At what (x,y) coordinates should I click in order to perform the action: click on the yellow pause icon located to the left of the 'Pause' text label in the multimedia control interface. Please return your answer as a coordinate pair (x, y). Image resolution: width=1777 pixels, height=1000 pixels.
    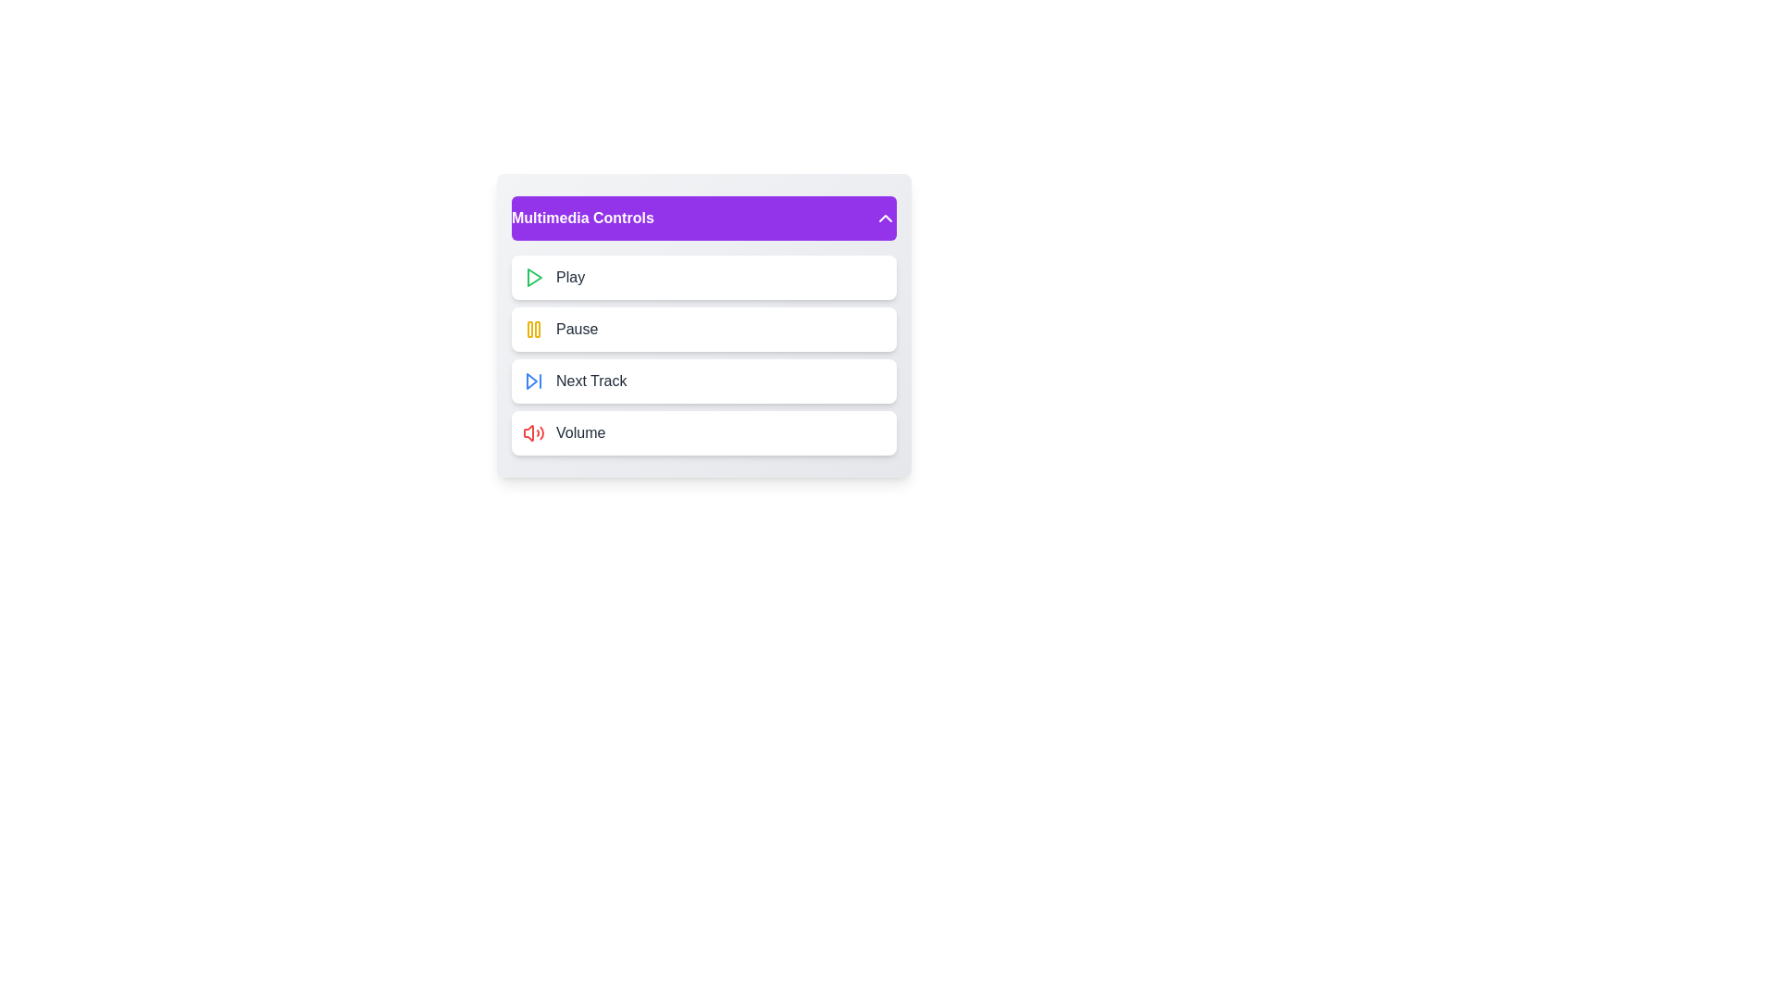
    Looking at the image, I should click on (532, 328).